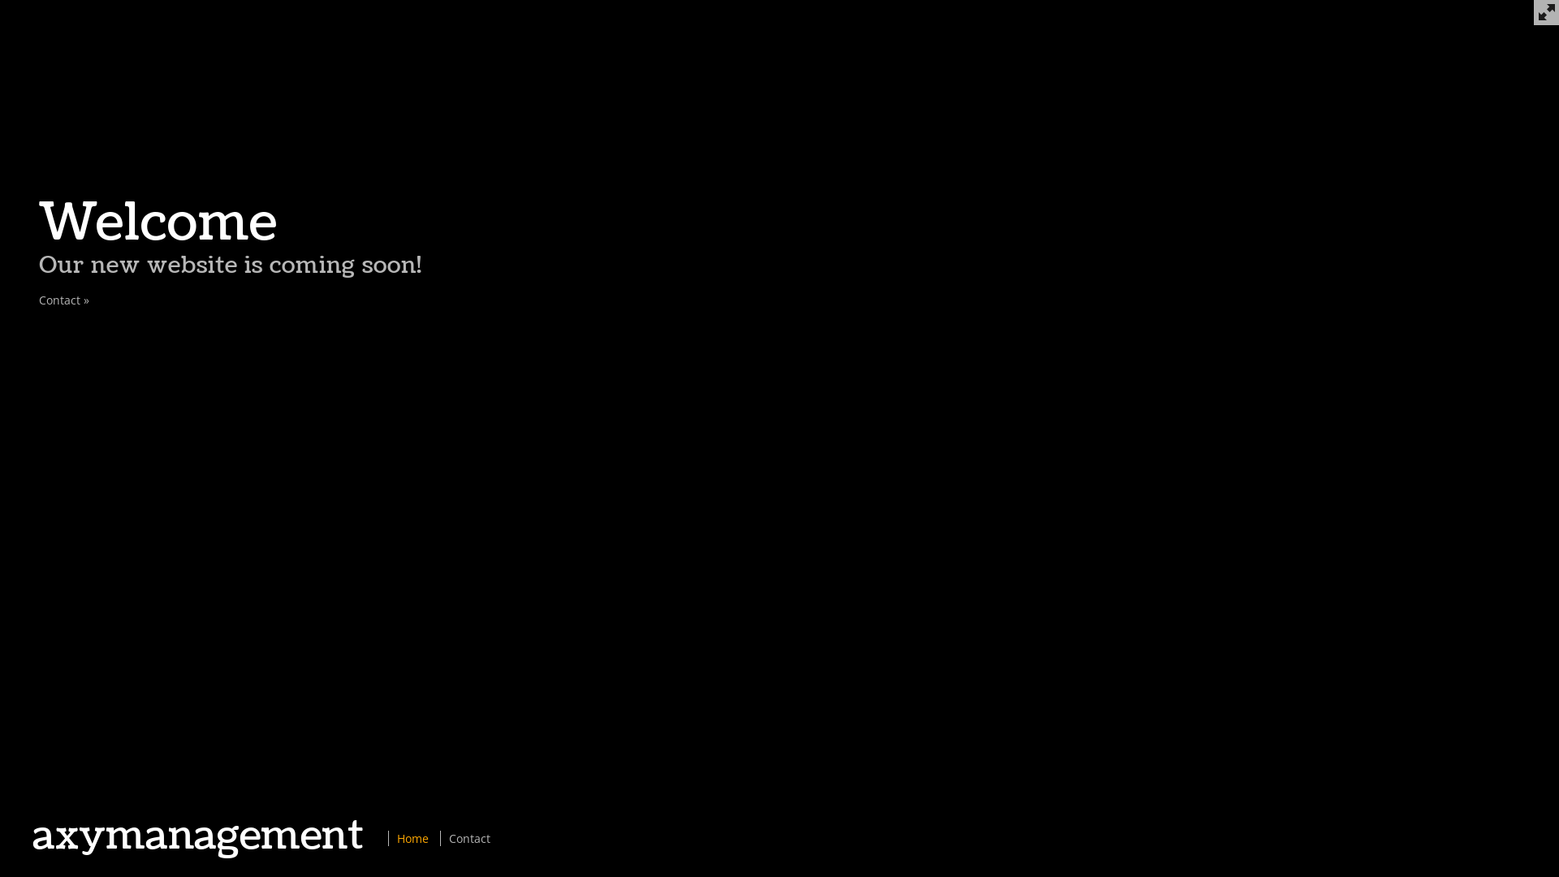  I want to click on 'Contact', so click(448, 838).